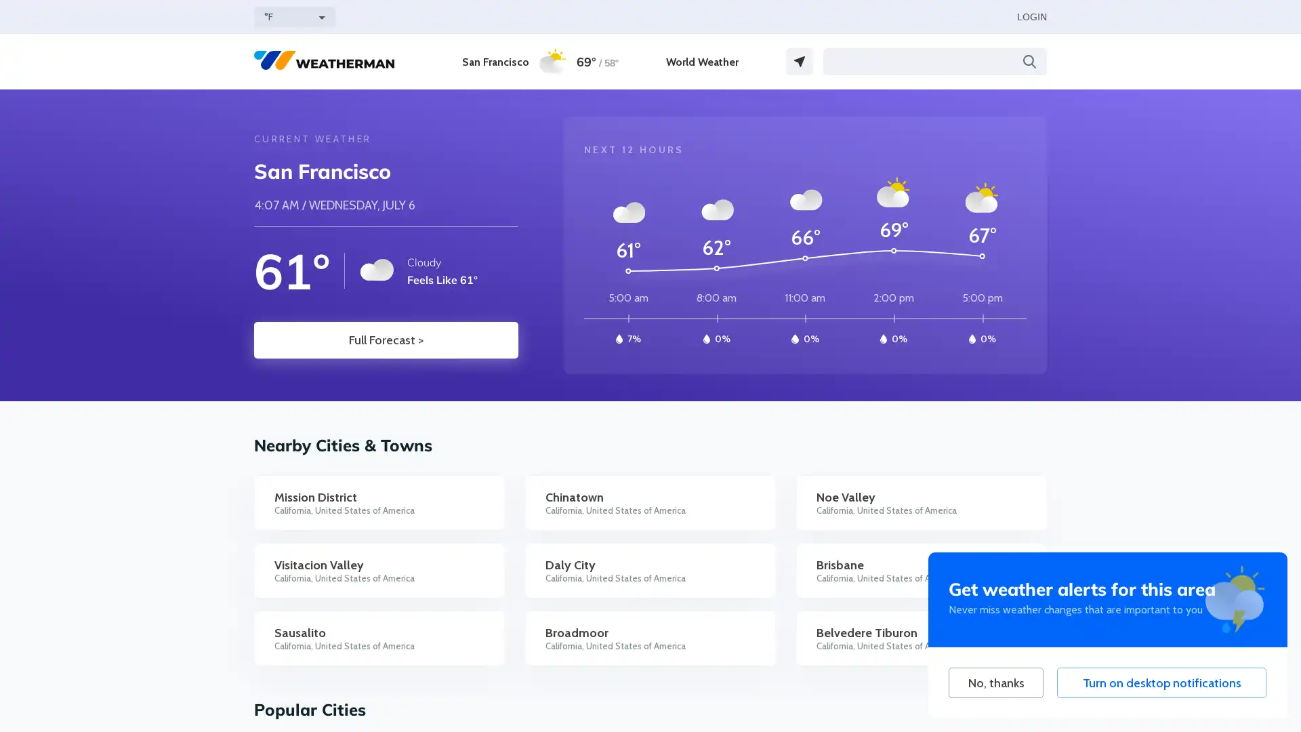  What do you see at coordinates (800, 62) in the screenshot?
I see `GPS Location` at bounding box center [800, 62].